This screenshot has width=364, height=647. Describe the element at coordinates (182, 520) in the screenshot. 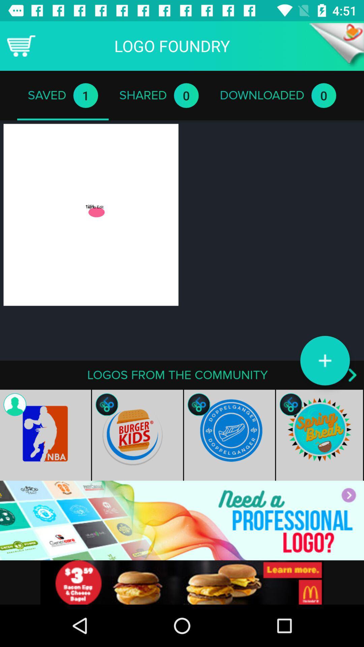

I see `open advertisement` at that location.